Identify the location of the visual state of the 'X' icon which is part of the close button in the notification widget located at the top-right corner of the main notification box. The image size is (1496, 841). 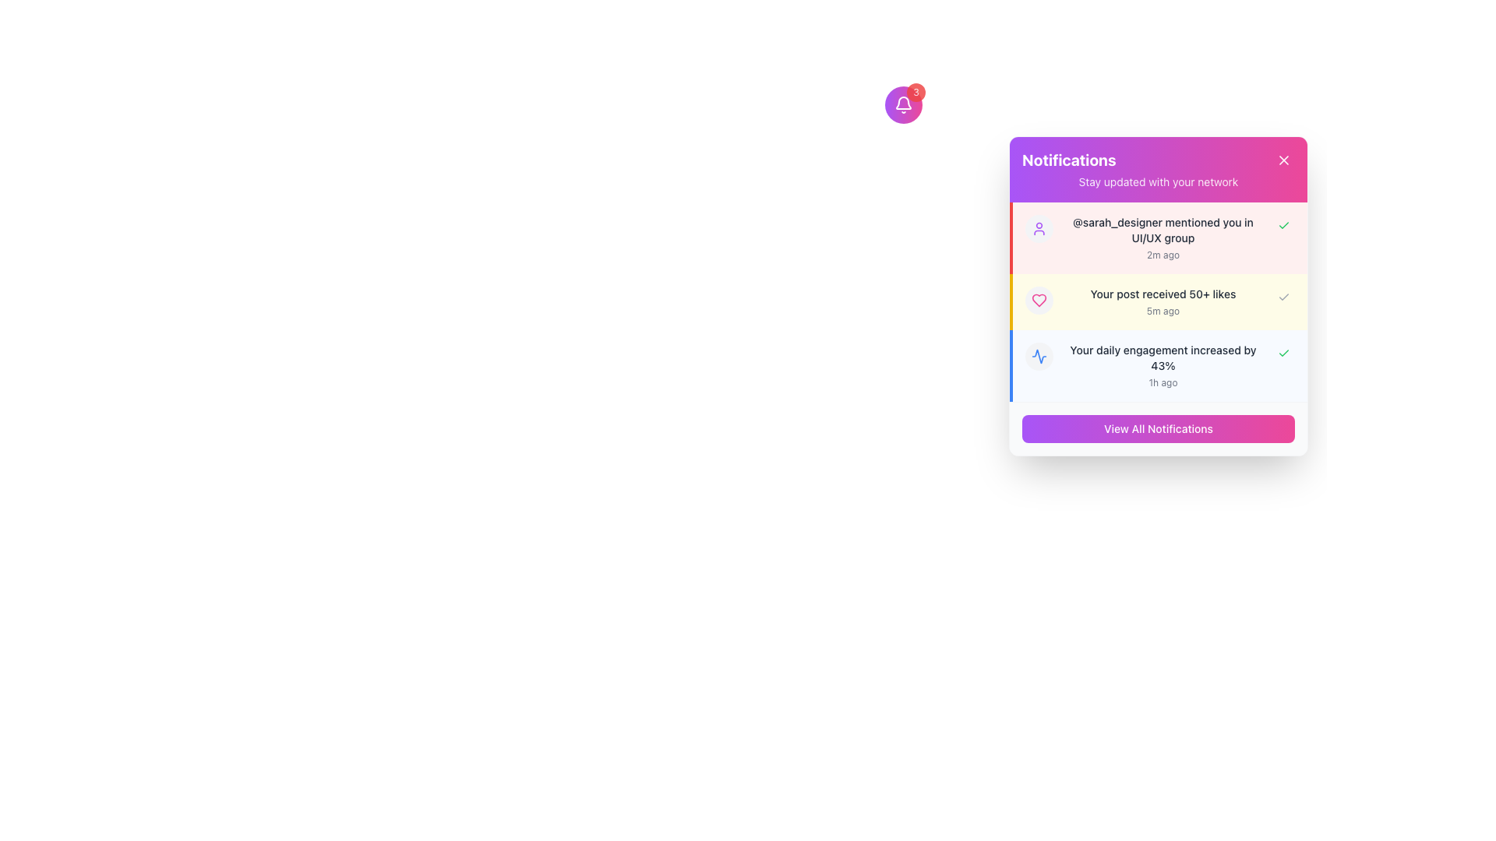
(1283, 160).